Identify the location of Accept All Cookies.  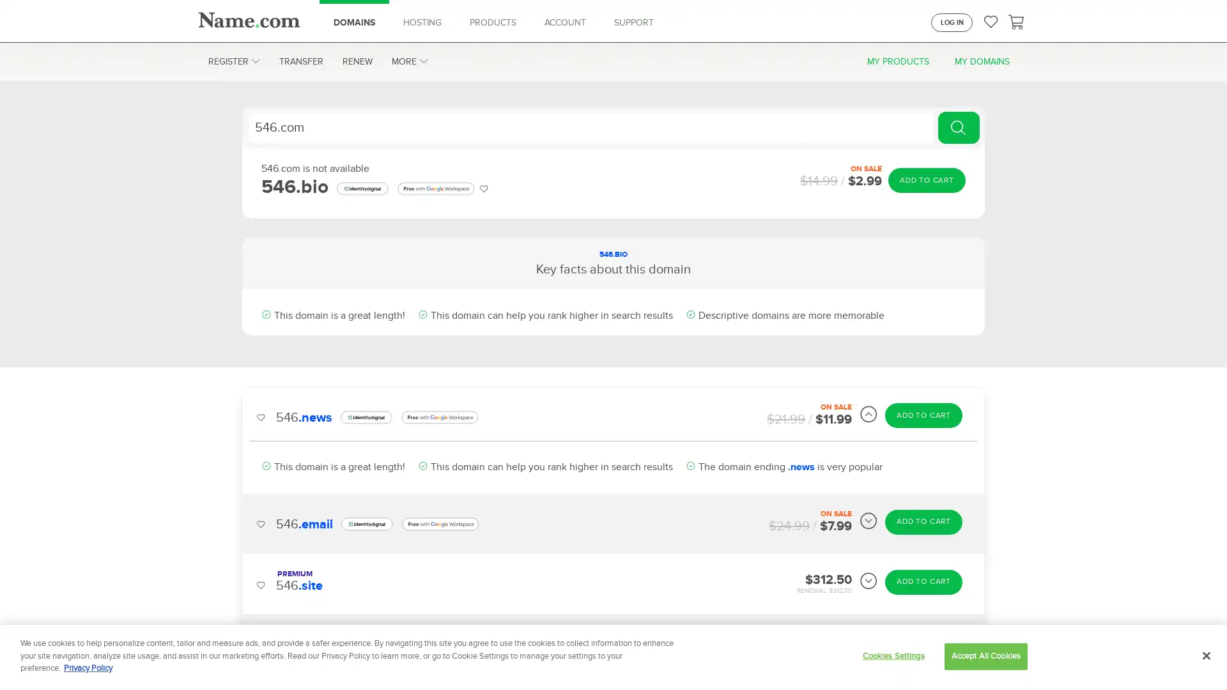
(985, 655).